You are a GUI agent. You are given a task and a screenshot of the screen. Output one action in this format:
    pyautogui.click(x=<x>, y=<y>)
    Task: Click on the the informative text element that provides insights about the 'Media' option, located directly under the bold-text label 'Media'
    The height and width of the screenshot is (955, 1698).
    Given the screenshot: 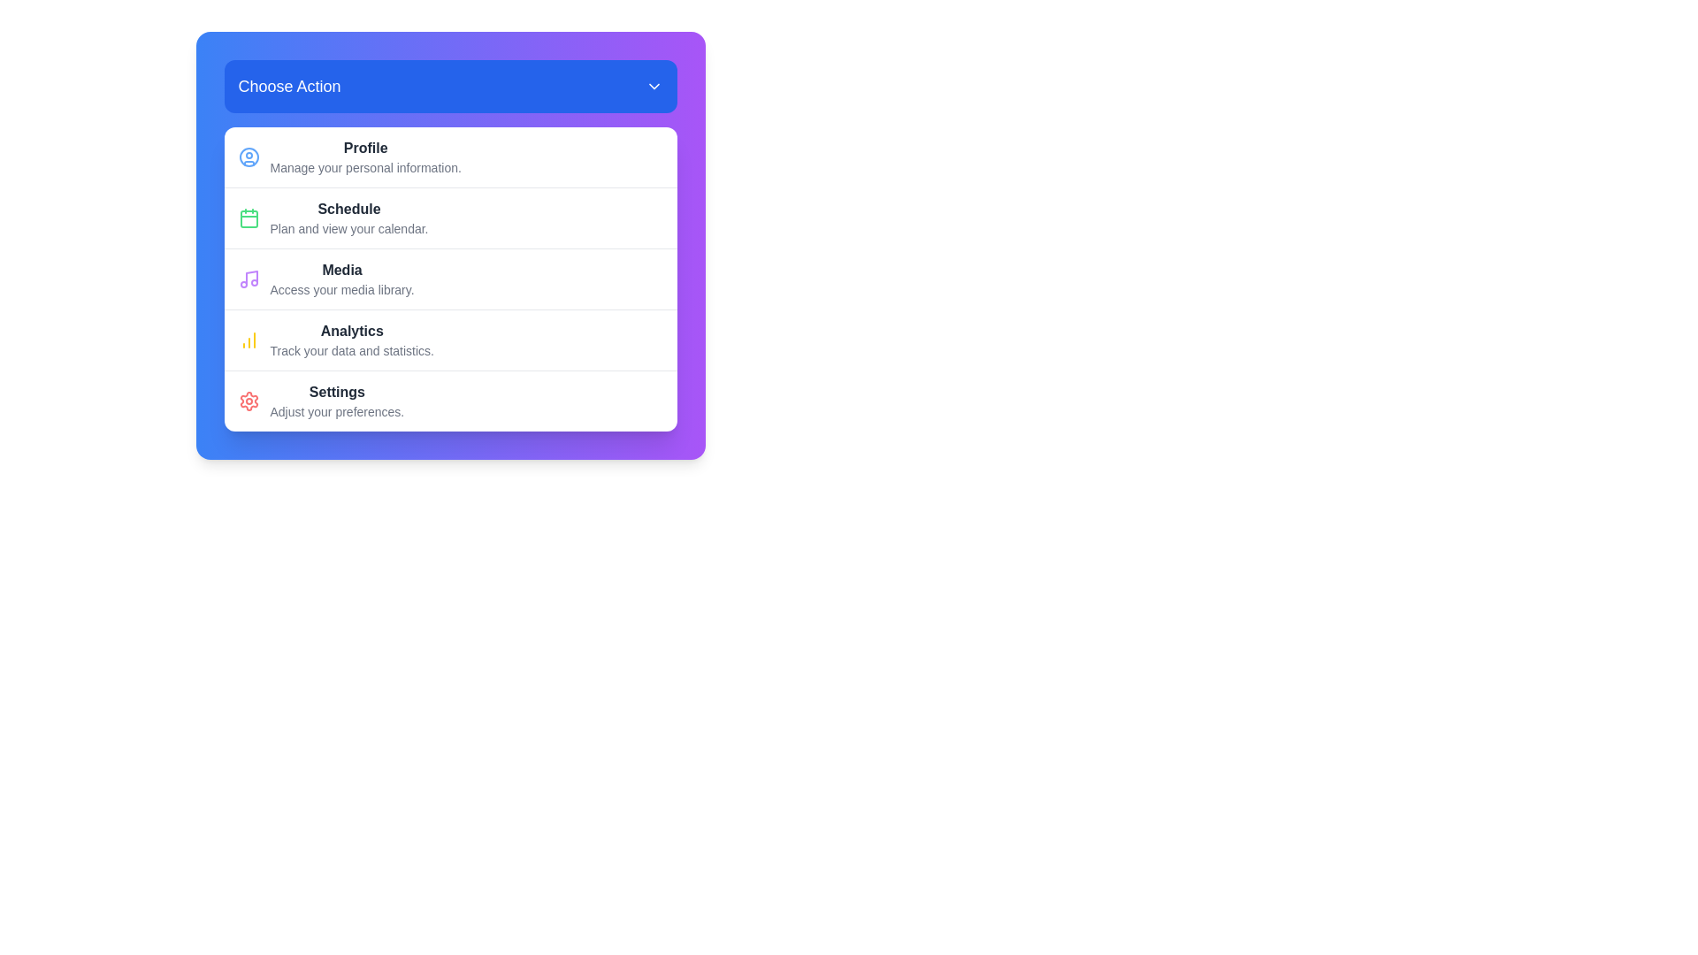 What is the action you would take?
    pyautogui.click(x=342, y=288)
    